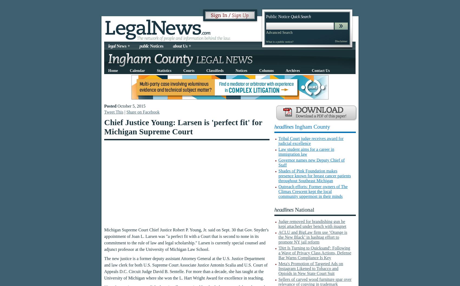  What do you see at coordinates (278, 175) in the screenshot?
I see `'Shades of Pink Foundation makes presence known for breast cancer patients throughout Southeast Michigan'` at bounding box center [278, 175].